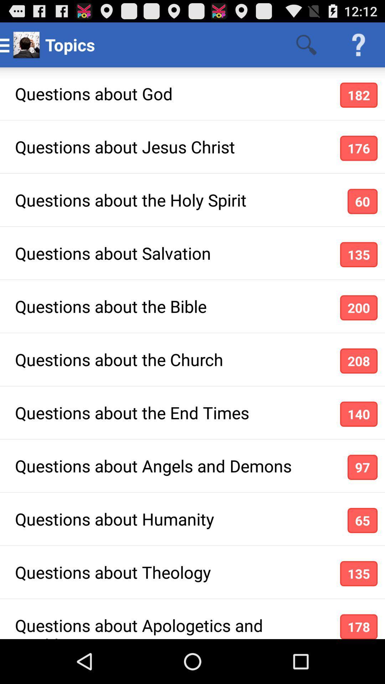 The width and height of the screenshot is (385, 684). What do you see at coordinates (359, 361) in the screenshot?
I see `the 208 app` at bounding box center [359, 361].